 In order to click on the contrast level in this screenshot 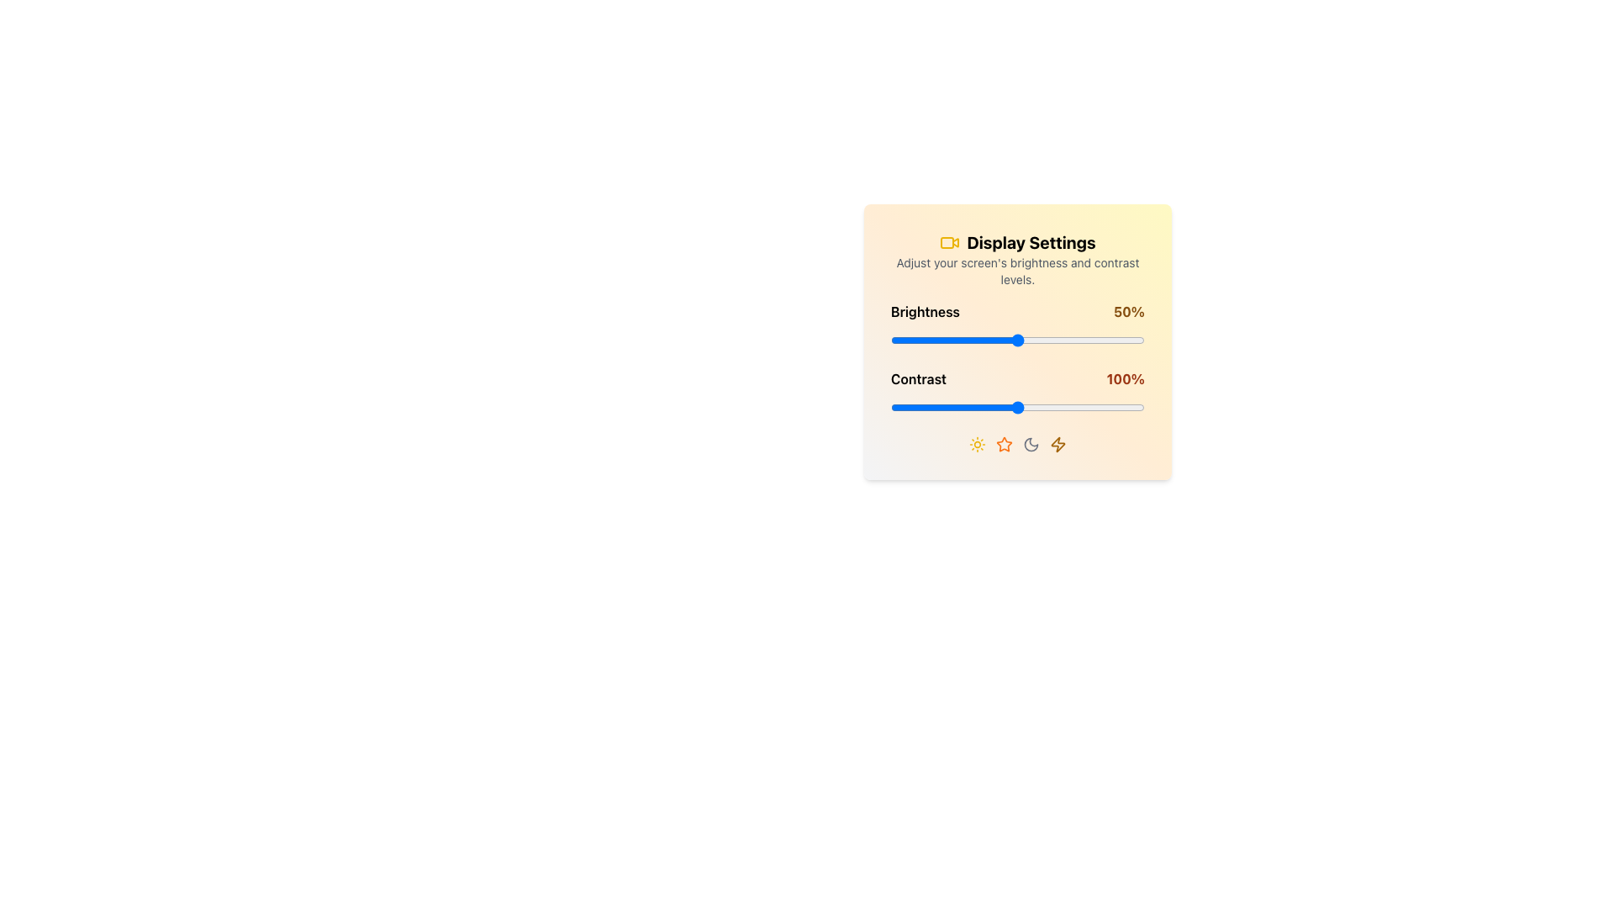, I will do `click(1018, 408)`.